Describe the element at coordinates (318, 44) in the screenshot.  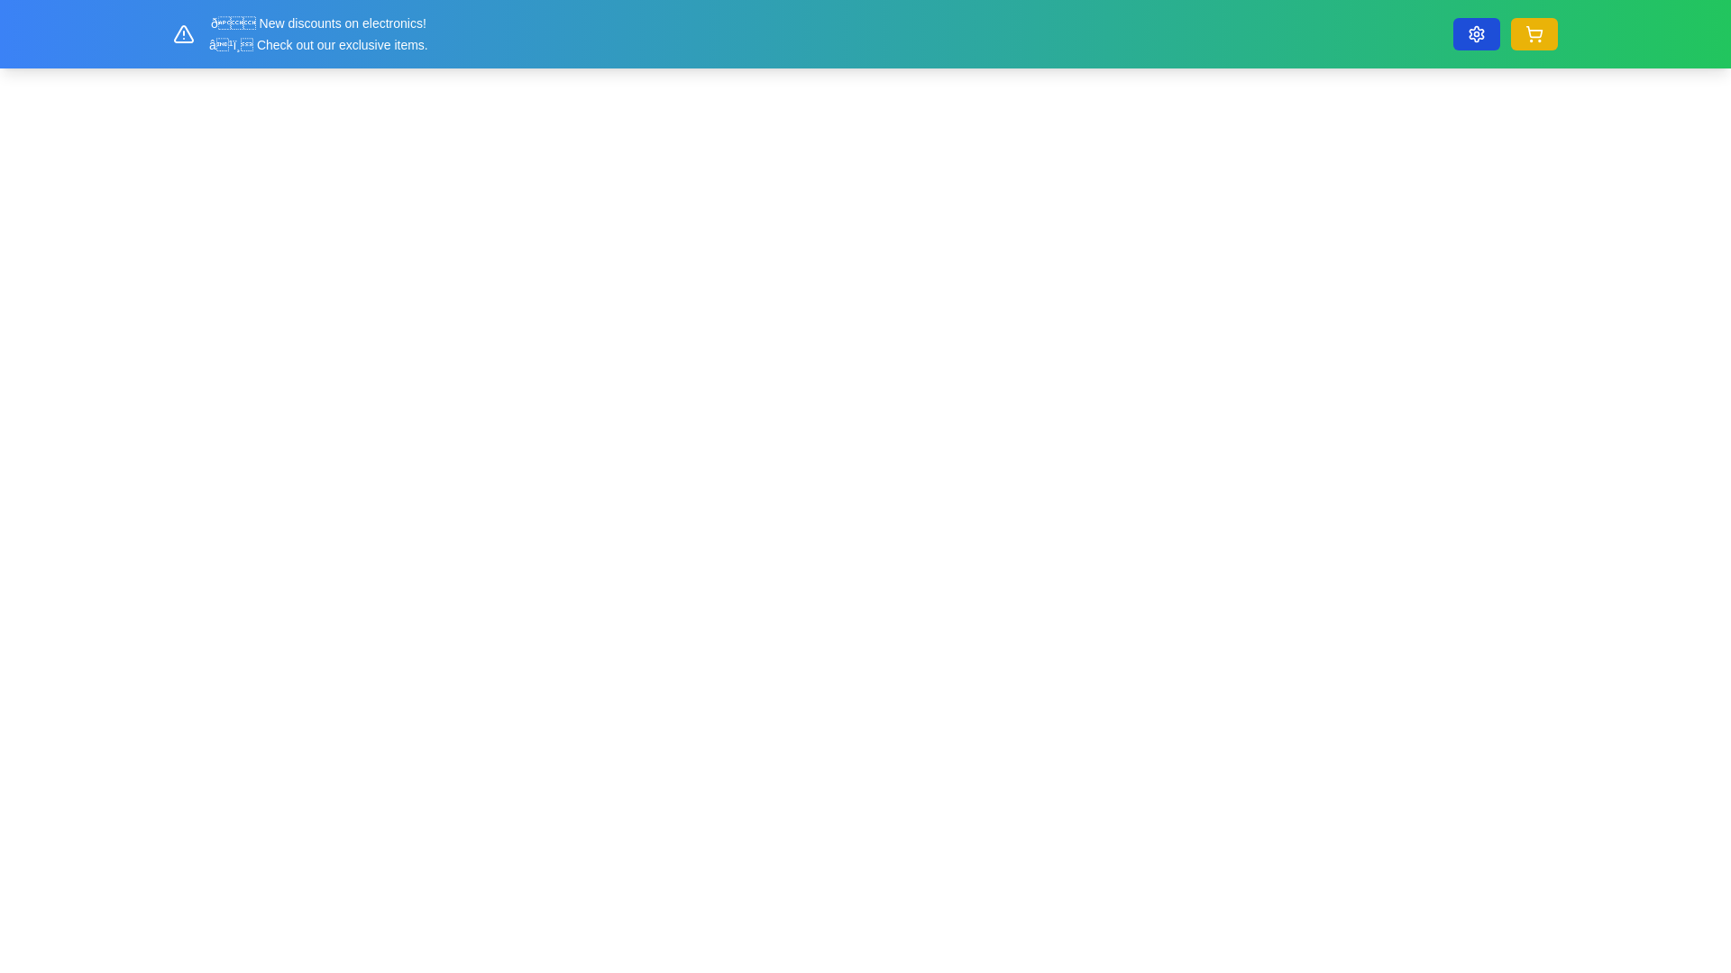
I see `text element displaying 'ℹ️ Check out our exclusive items.' located below the text '🔔 New discounts on electronics!' in the top-left region of the interface` at that location.